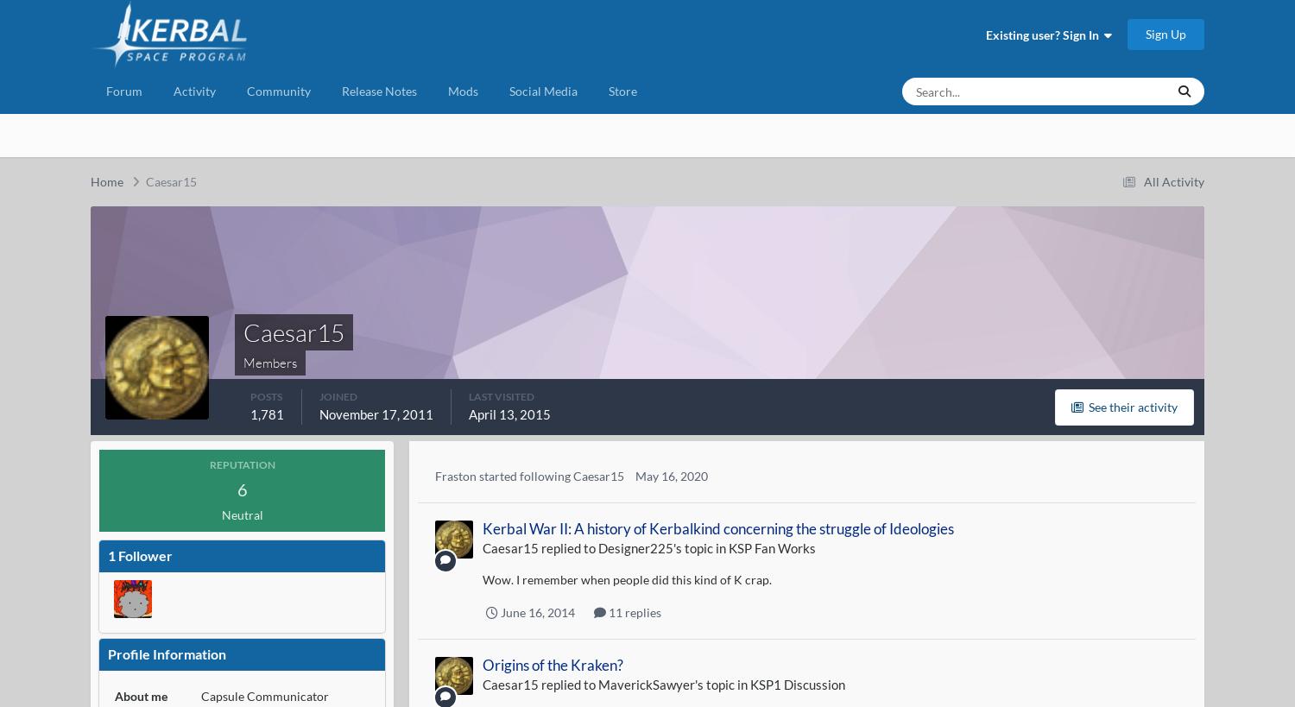 This screenshot has width=1295, height=707. What do you see at coordinates (632, 610) in the screenshot?
I see `'11 replies'` at bounding box center [632, 610].